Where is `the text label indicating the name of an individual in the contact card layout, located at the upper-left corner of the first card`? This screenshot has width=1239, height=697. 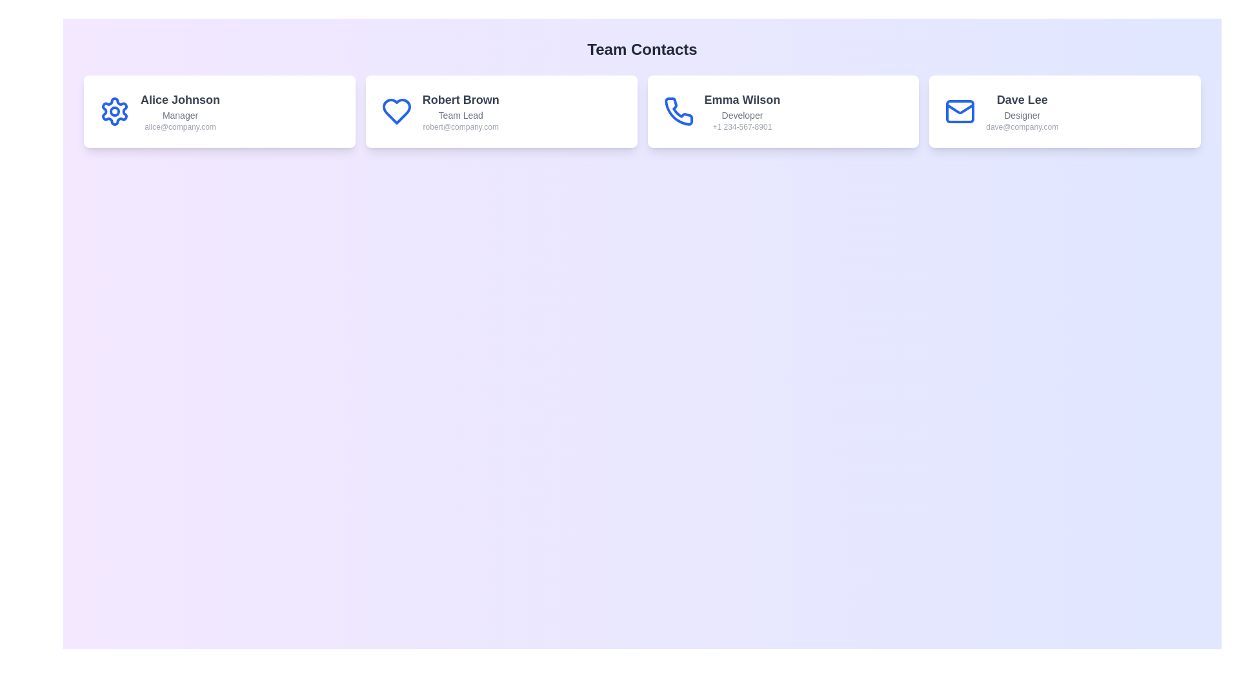
the text label indicating the name of an individual in the contact card layout, located at the upper-left corner of the first card is located at coordinates (179, 99).